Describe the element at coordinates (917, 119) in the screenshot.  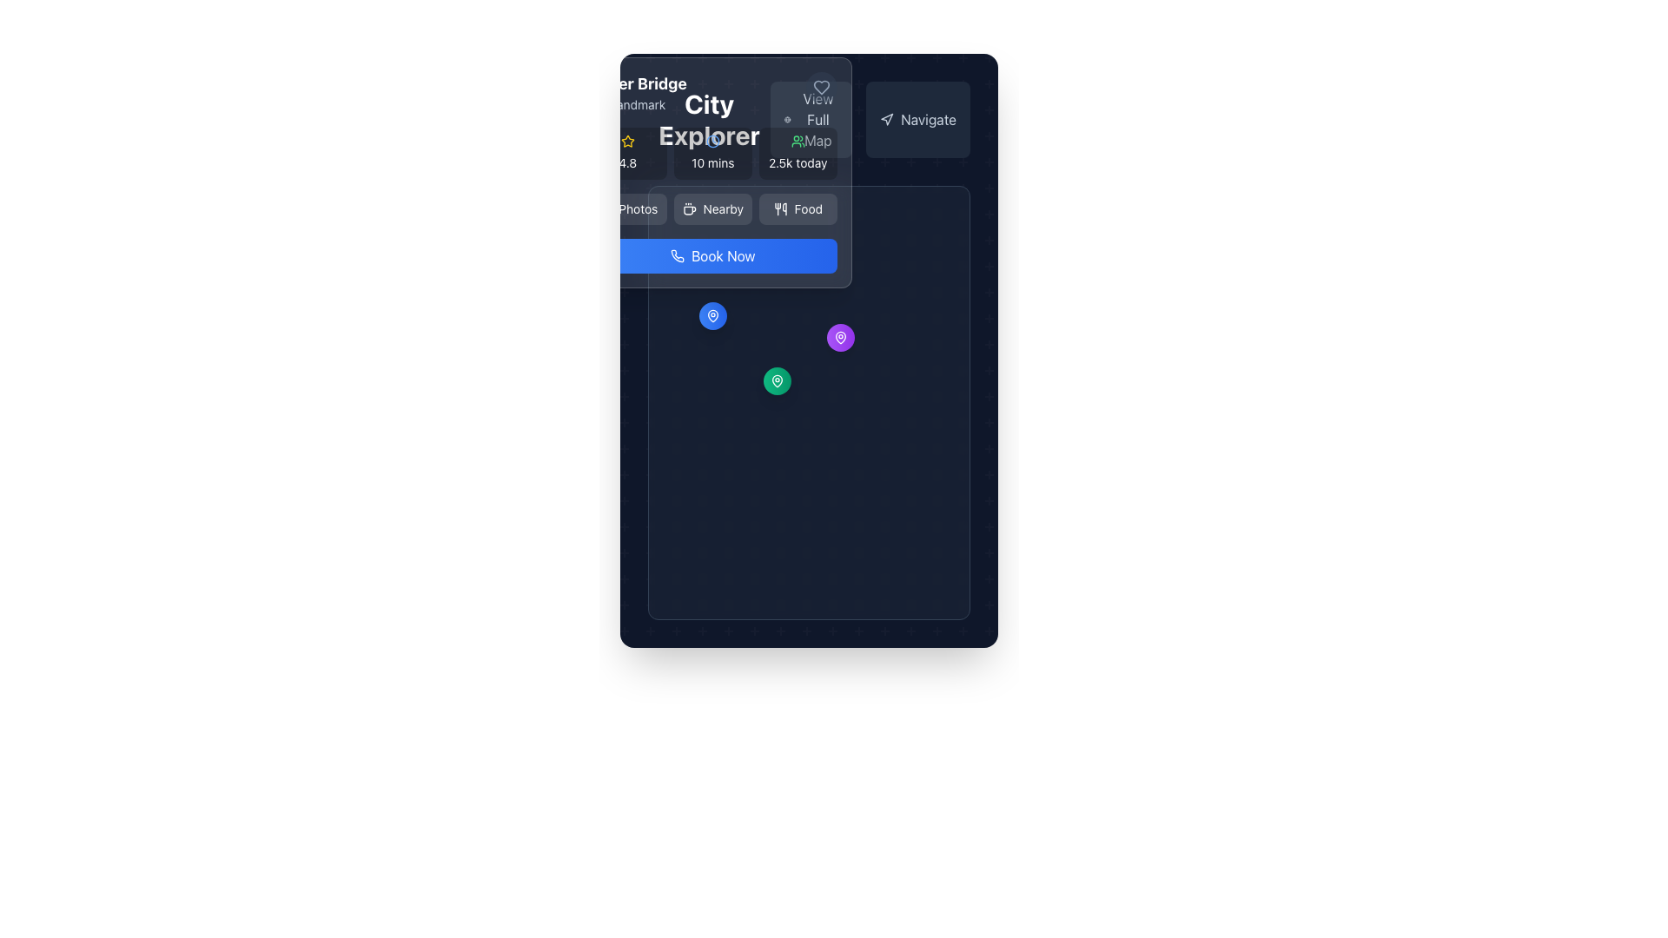
I see `the 'Navigate' button, which is a rectangular button with rounded corners in dark slate color, located in the top-right corner of the interface` at that location.